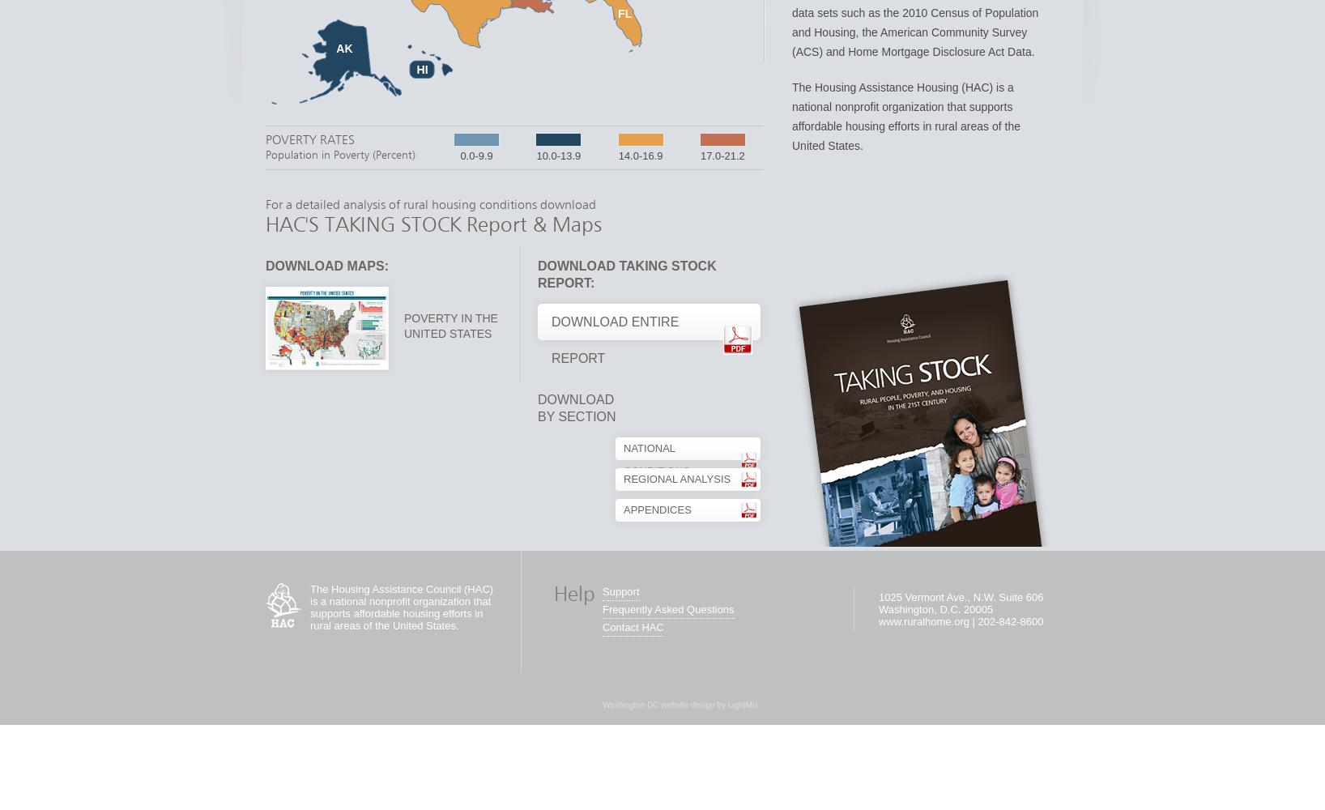 The width and height of the screenshot is (1325, 810). What do you see at coordinates (624, 478) in the screenshot?
I see `'Regional Analysis'` at bounding box center [624, 478].